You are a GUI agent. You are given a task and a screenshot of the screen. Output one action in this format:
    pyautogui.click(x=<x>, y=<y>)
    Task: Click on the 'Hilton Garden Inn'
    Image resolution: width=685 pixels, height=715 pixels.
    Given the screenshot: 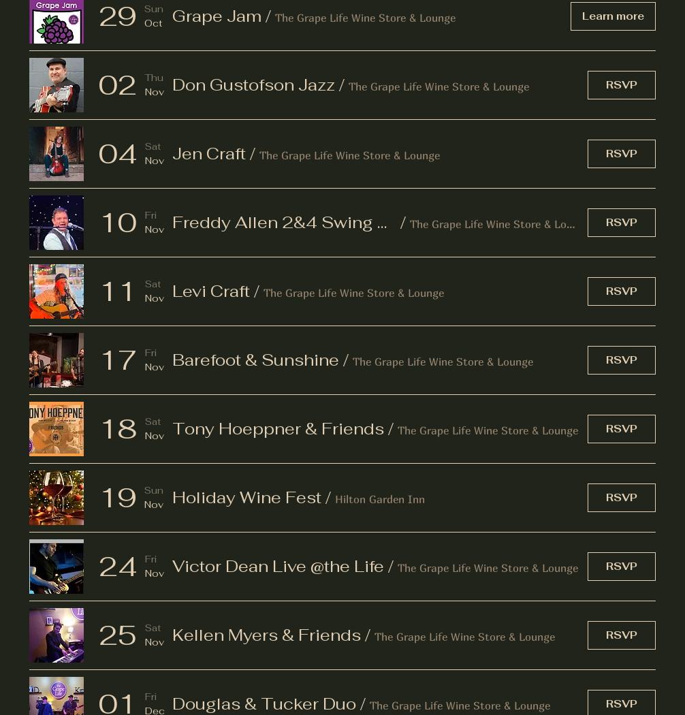 What is the action you would take?
    pyautogui.click(x=380, y=497)
    